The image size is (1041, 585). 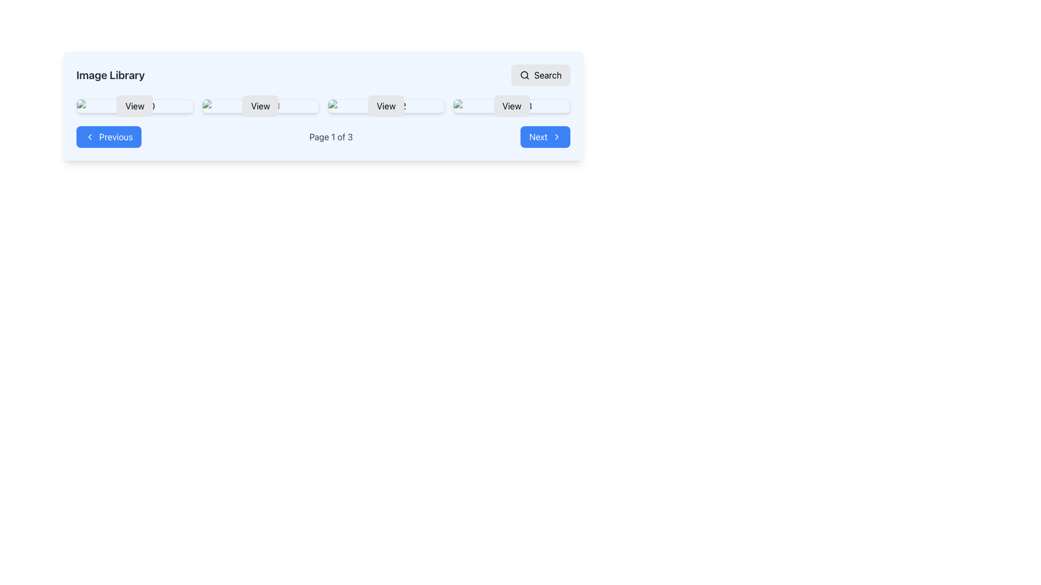 What do you see at coordinates (386, 106) in the screenshot?
I see `the 'View' button, which is a rectangular button with rounded corners and a light gray background, located third from the left in its row` at bounding box center [386, 106].